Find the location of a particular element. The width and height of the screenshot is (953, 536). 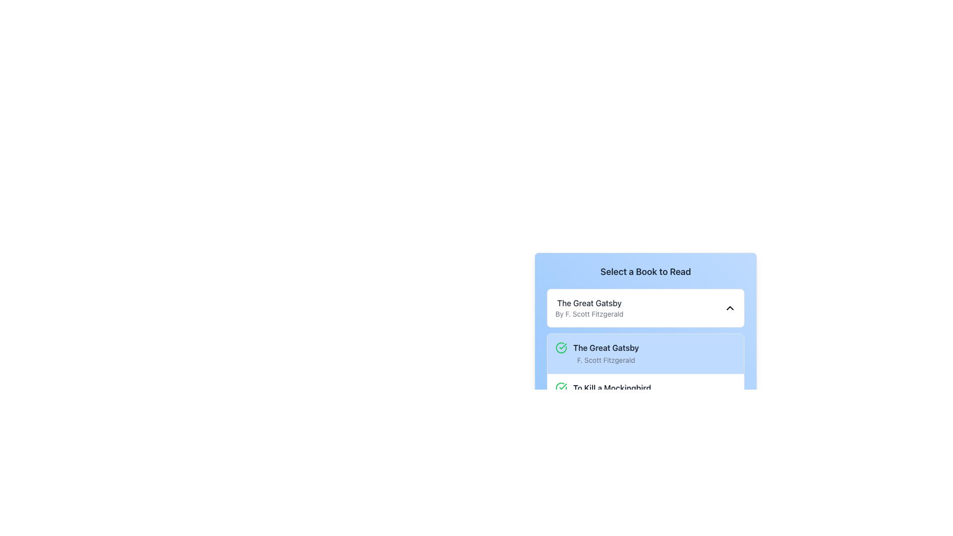

the static text element displaying the author of 'The Great Gatsby', which is located directly below the book title in the dropdown interface is located at coordinates (589, 314).